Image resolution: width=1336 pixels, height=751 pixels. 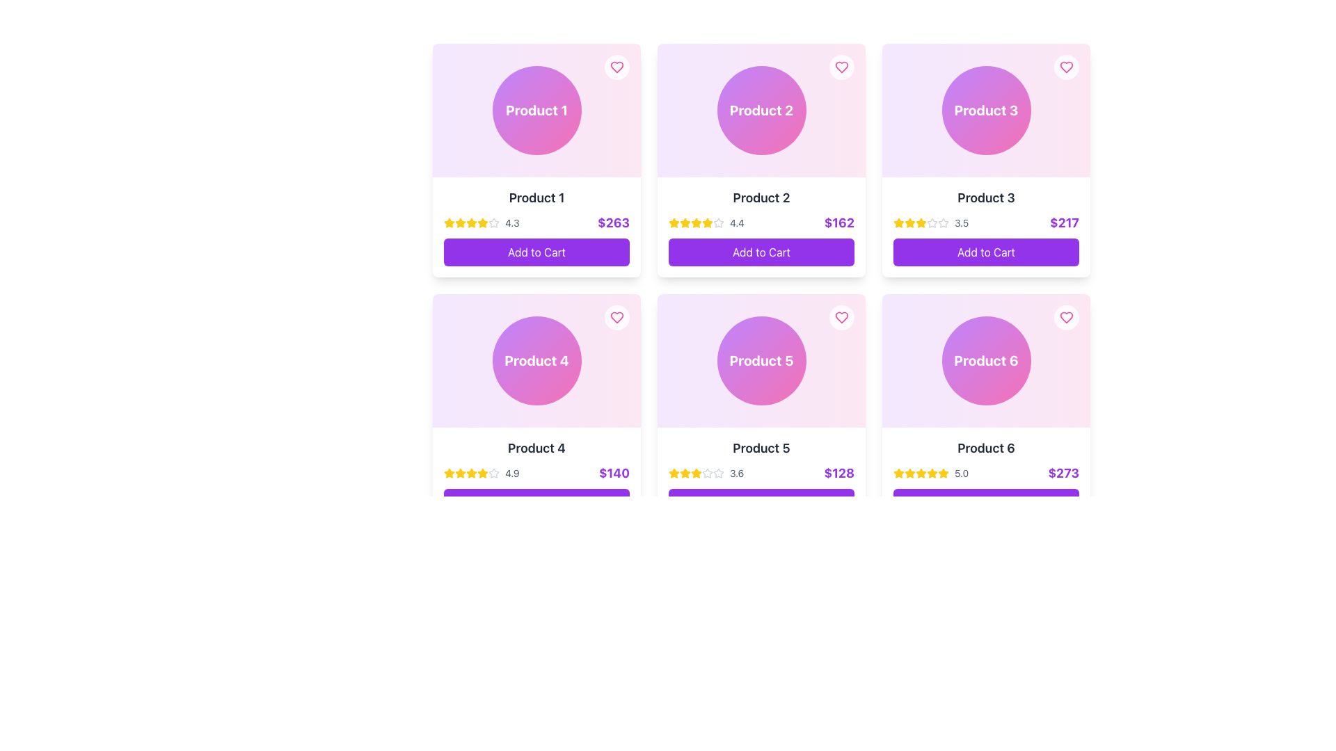 I want to click on the fifth star icon, which is styled with a yellow fill and represents a rating of '5.0' in the rating section of the 'Product 6' card, so click(x=932, y=473).